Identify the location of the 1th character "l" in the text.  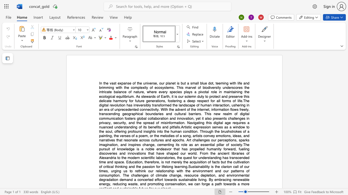
(175, 166).